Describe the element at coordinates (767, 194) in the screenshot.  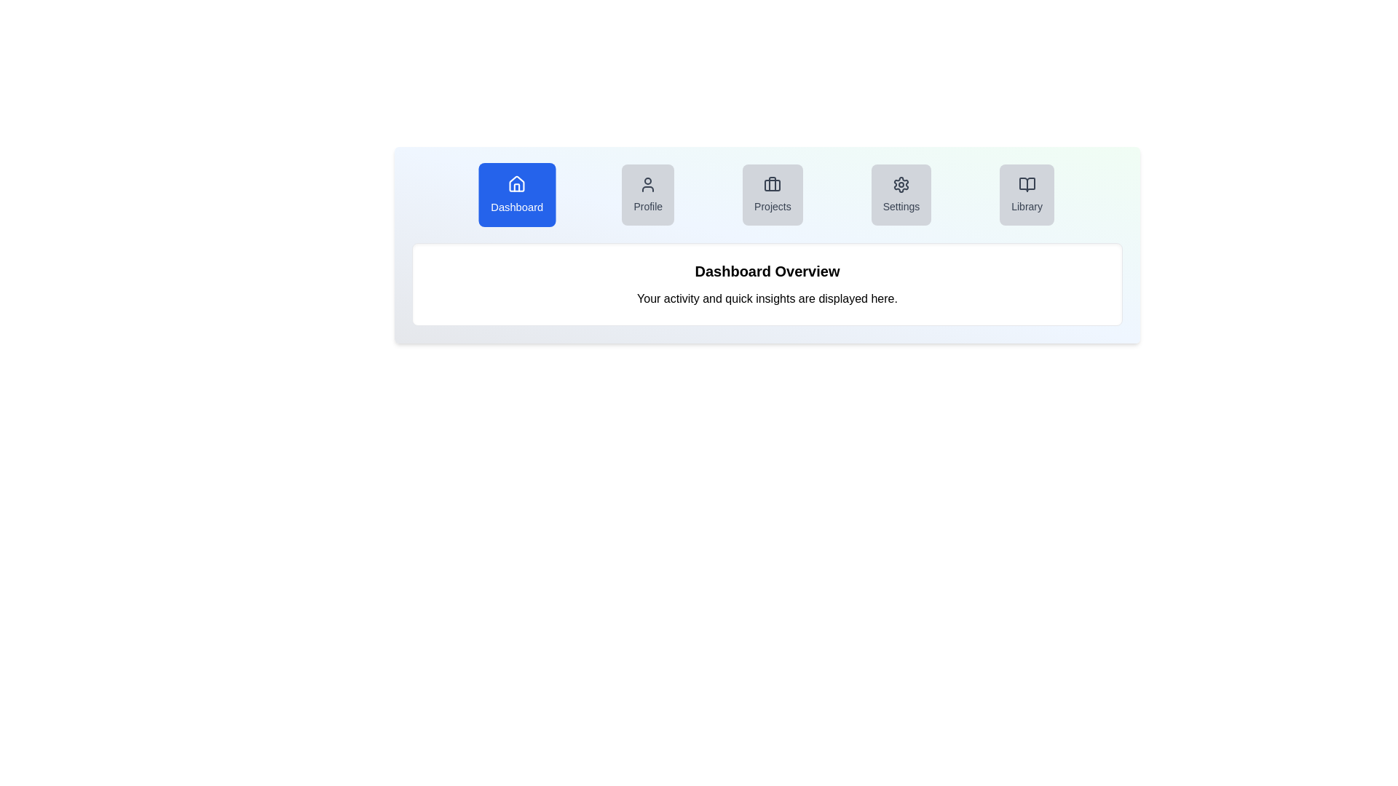
I see `the 'Projects' navigation button located beneath the header and above the overview section` at that location.